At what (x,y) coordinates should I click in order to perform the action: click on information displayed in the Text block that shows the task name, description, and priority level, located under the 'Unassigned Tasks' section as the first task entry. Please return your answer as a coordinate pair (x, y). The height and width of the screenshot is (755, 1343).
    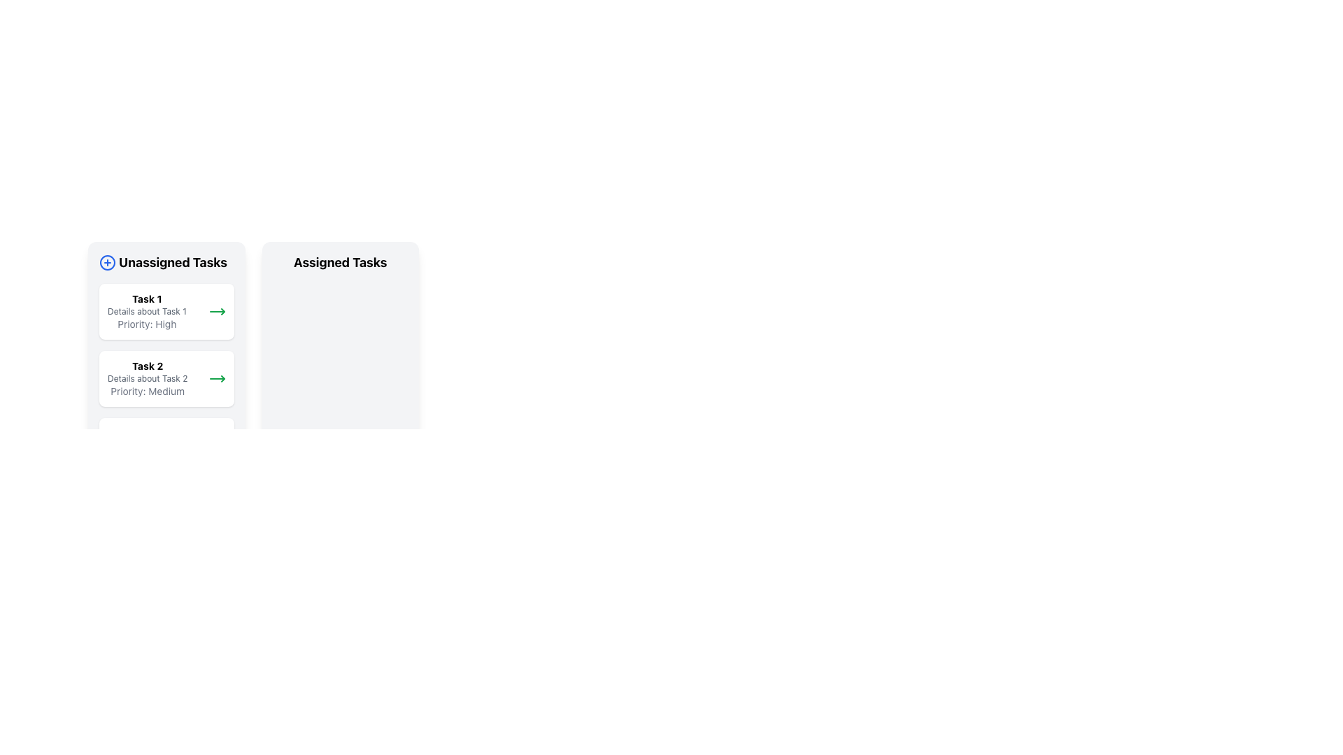
    Looking at the image, I should click on (147, 311).